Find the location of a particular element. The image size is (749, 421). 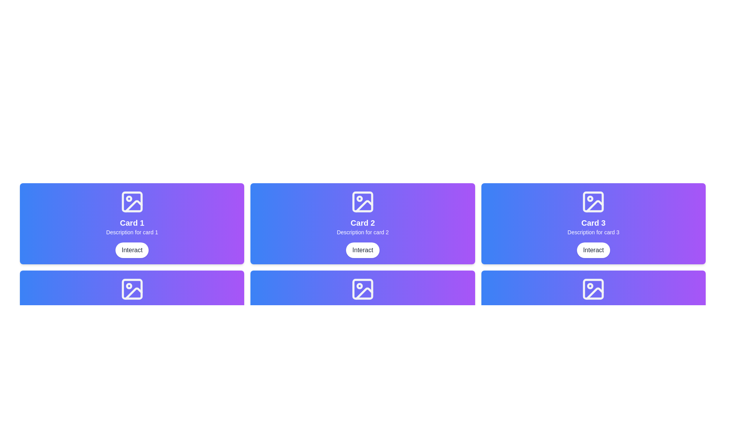

the sixth card in the grid layout that presents information related to 'Card 6', located in the rightmost column of the bottom row, below 'Card 3' is located at coordinates (593, 311).